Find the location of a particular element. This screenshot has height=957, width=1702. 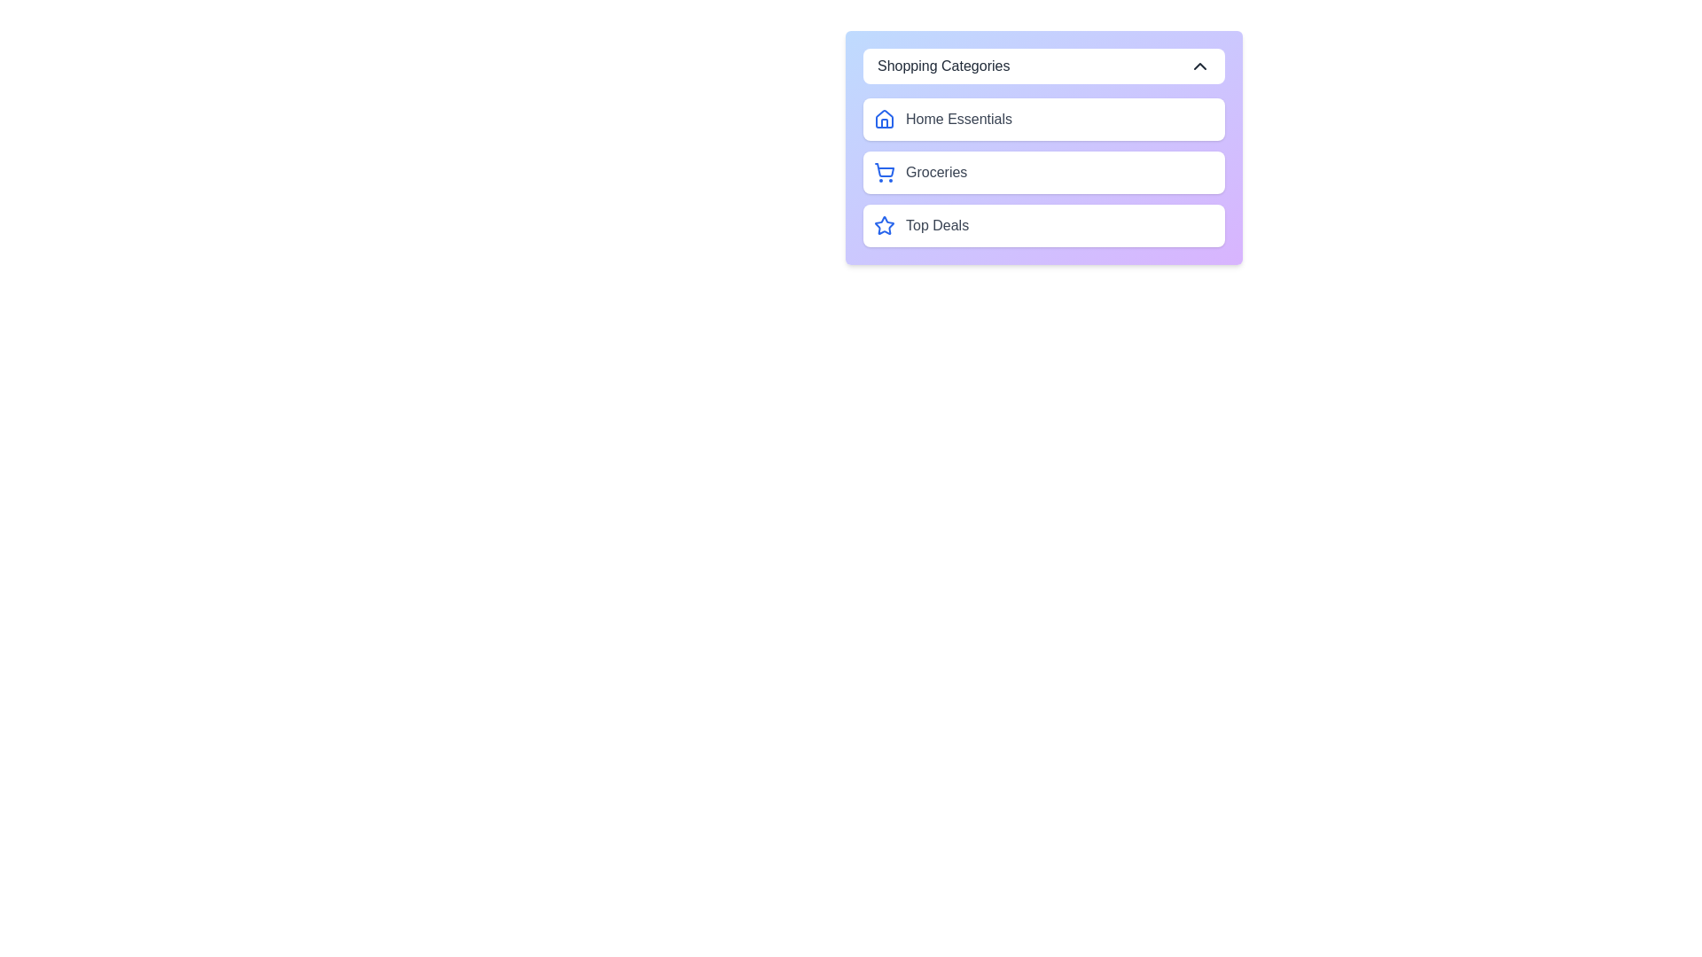

the category Groceries is located at coordinates (1043, 173).